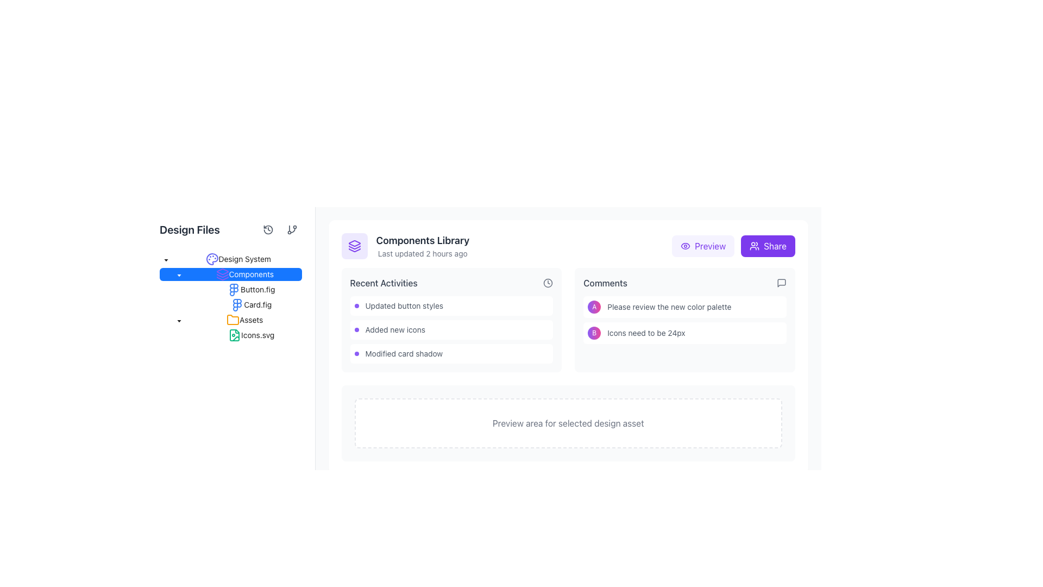  I want to click on the Comment entry row featuring a gradient circle with the letter 'A' and the text 'Please review the new color palette', so click(684, 307).